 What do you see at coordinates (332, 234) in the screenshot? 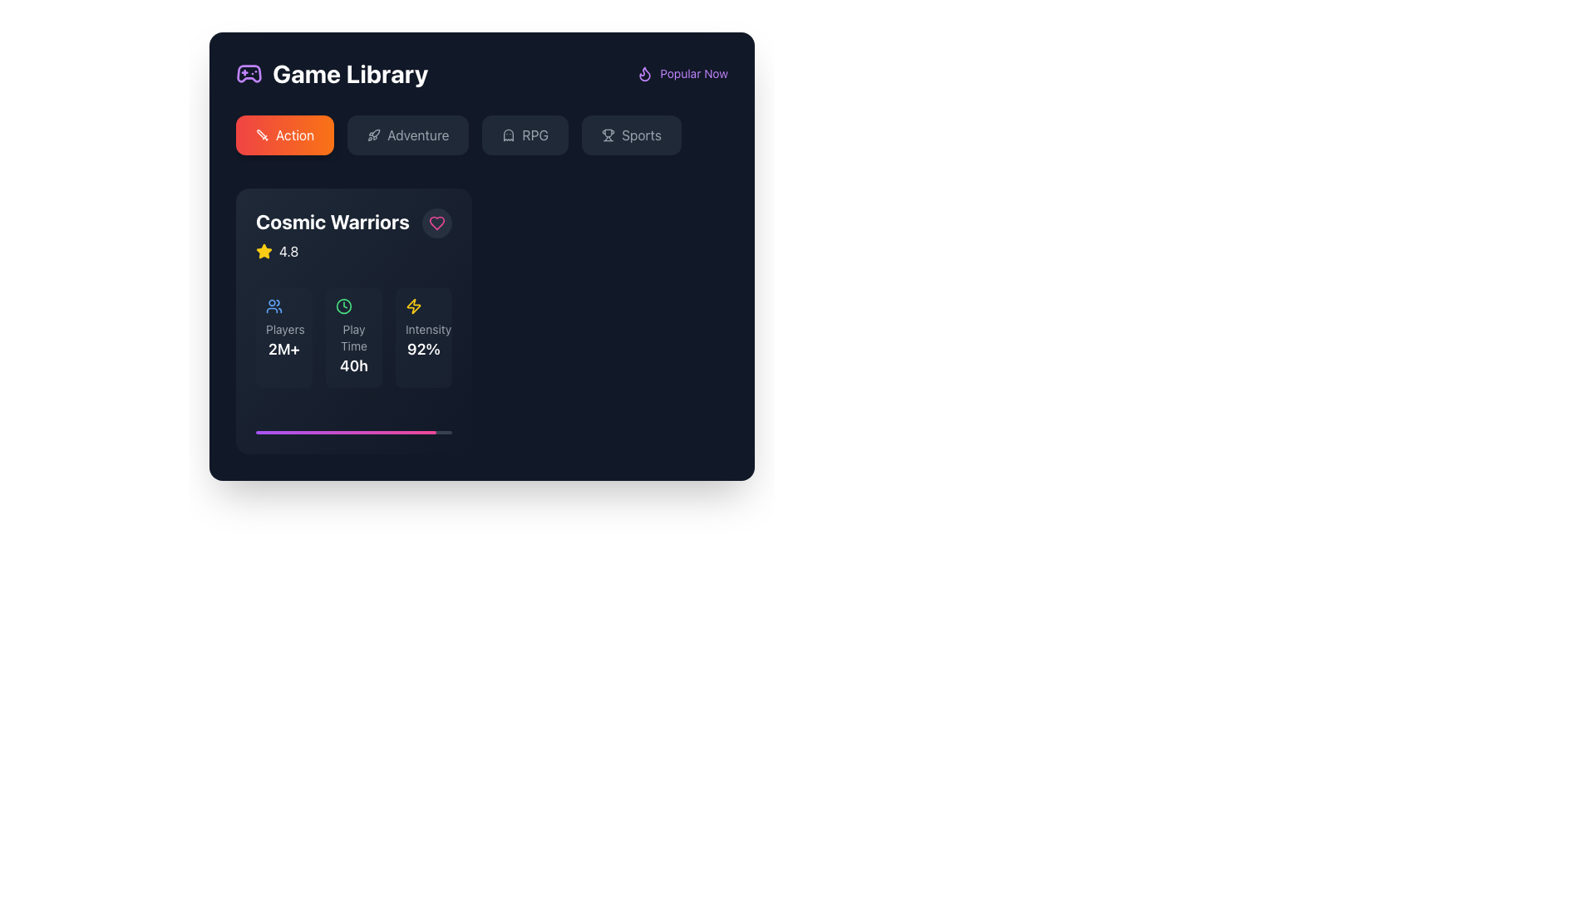
I see `the Information Display element that shows the title 'Cosmic Warriors' with a rating of '4.8' and a yellow star icon` at bounding box center [332, 234].